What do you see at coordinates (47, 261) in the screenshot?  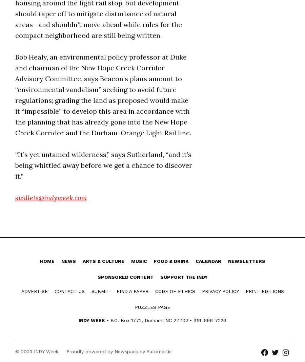 I see `'Home'` at bounding box center [47, 261].